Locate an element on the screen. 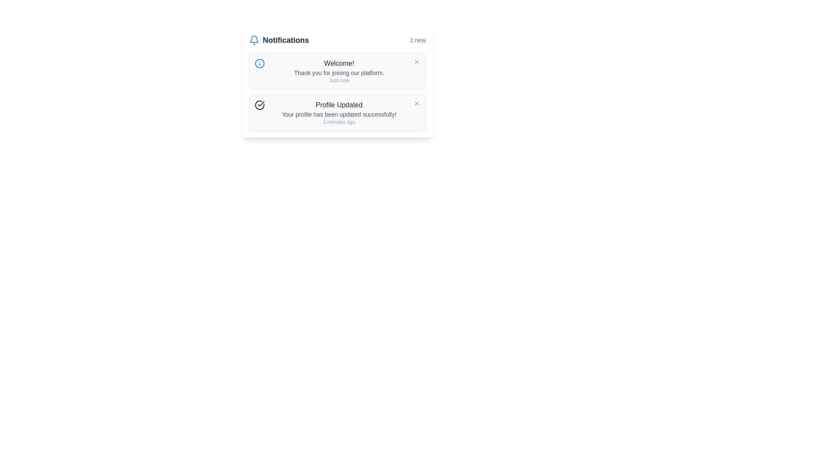  the first icon in the lower notification entry of the notifications section, which indicates a completed or successful action is located at coordinates (259, 104).